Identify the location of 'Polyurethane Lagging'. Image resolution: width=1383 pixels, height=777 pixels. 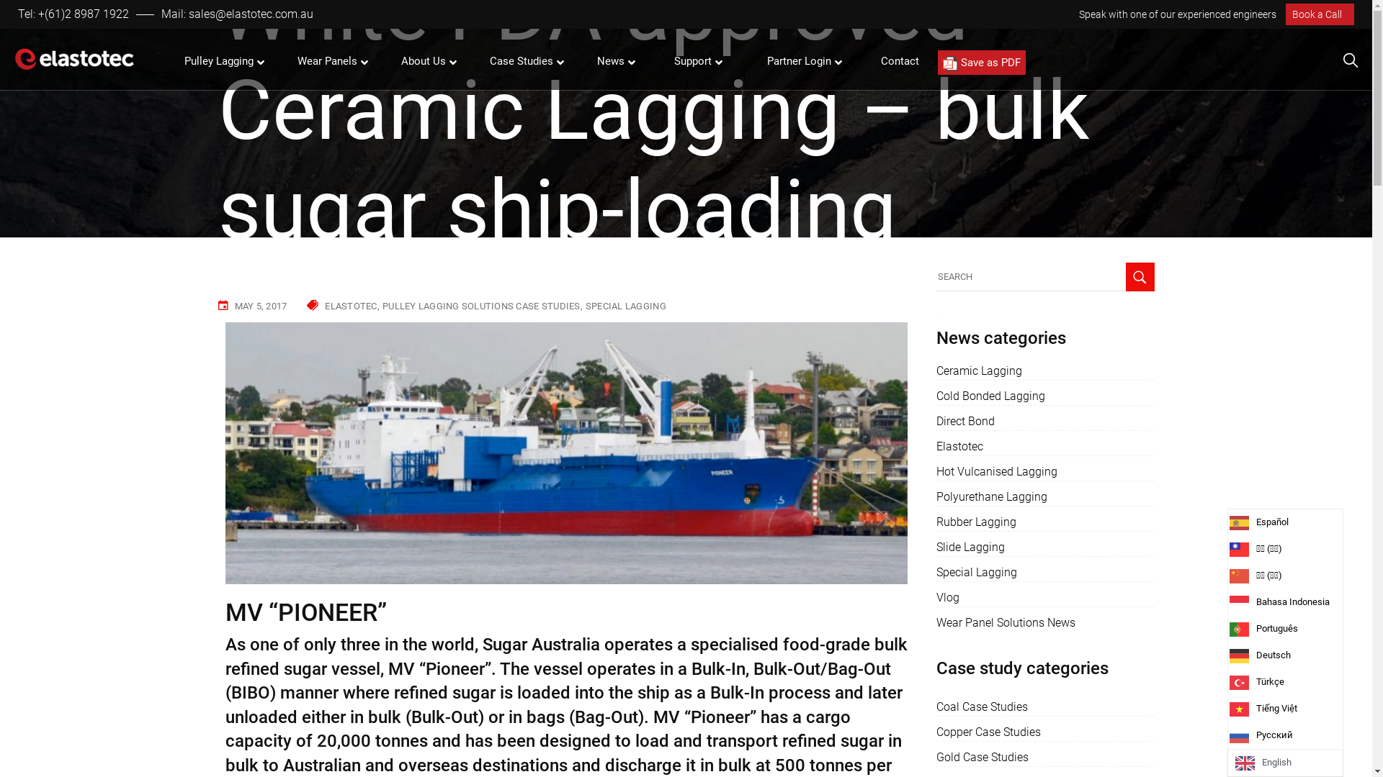
(991, 496).